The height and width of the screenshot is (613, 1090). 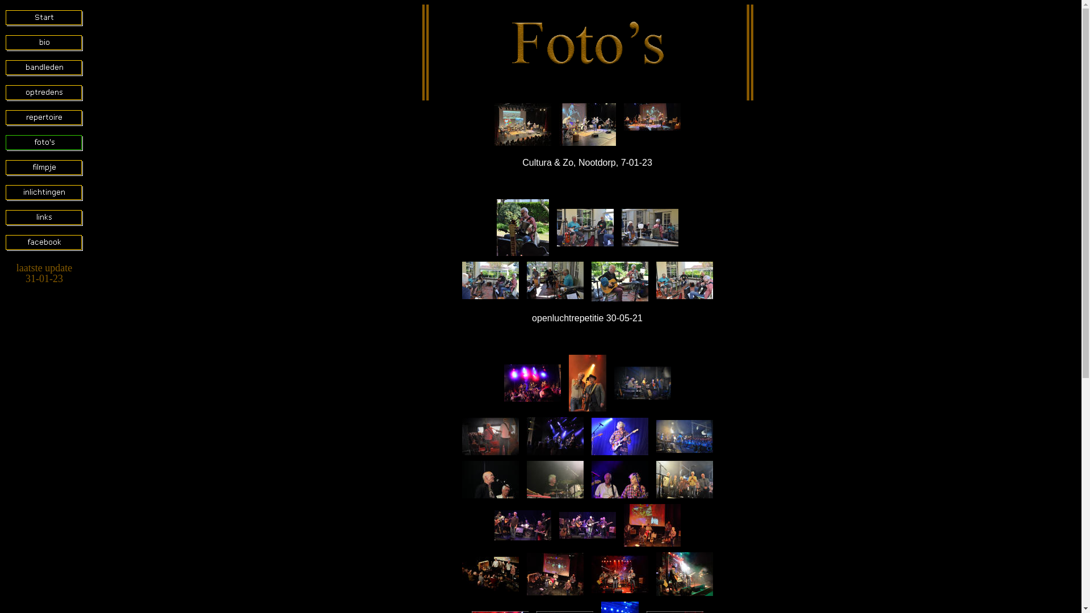 What do you see at coordinates (651, 116) in the screenshot?
I see `'CulturA & Zo, Nootdorp, 07-01-23'` at bounding box center [651, 116].